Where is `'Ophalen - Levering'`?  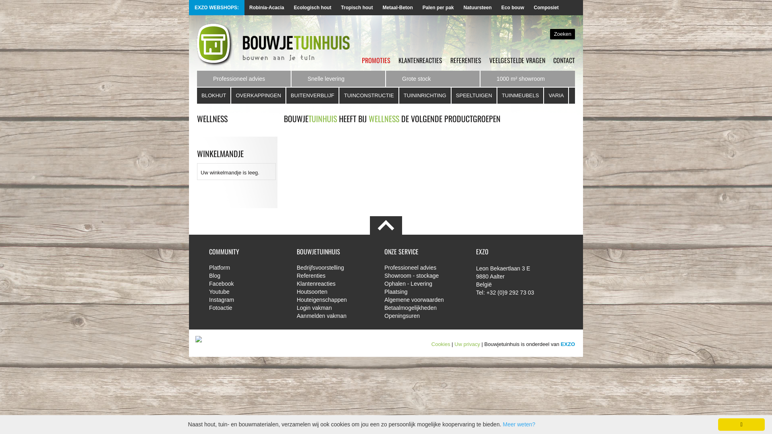 'Ophalen - Levering' is located at coordinates (422, 283).